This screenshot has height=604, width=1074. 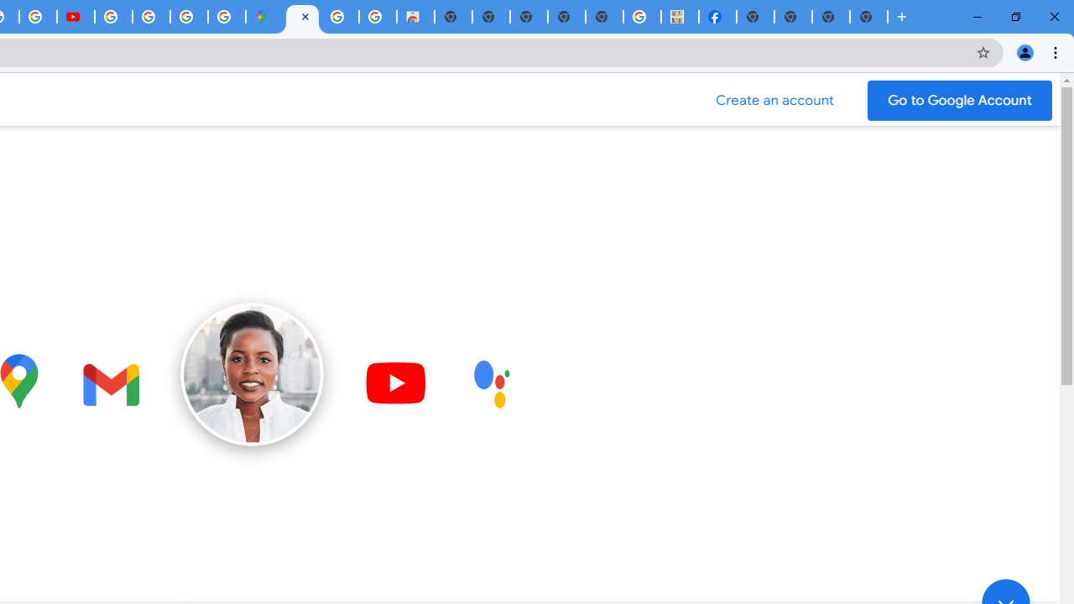 I want to click on 'Subscriptions - YouTube', so click(x=75, y=17).